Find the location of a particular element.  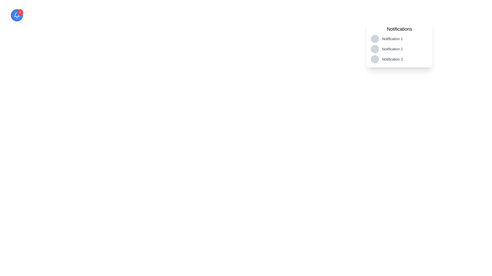

the second notification item labeled 'Notification 2' in the Notifications panel to focus or select it is located at coordinates (399, 49).